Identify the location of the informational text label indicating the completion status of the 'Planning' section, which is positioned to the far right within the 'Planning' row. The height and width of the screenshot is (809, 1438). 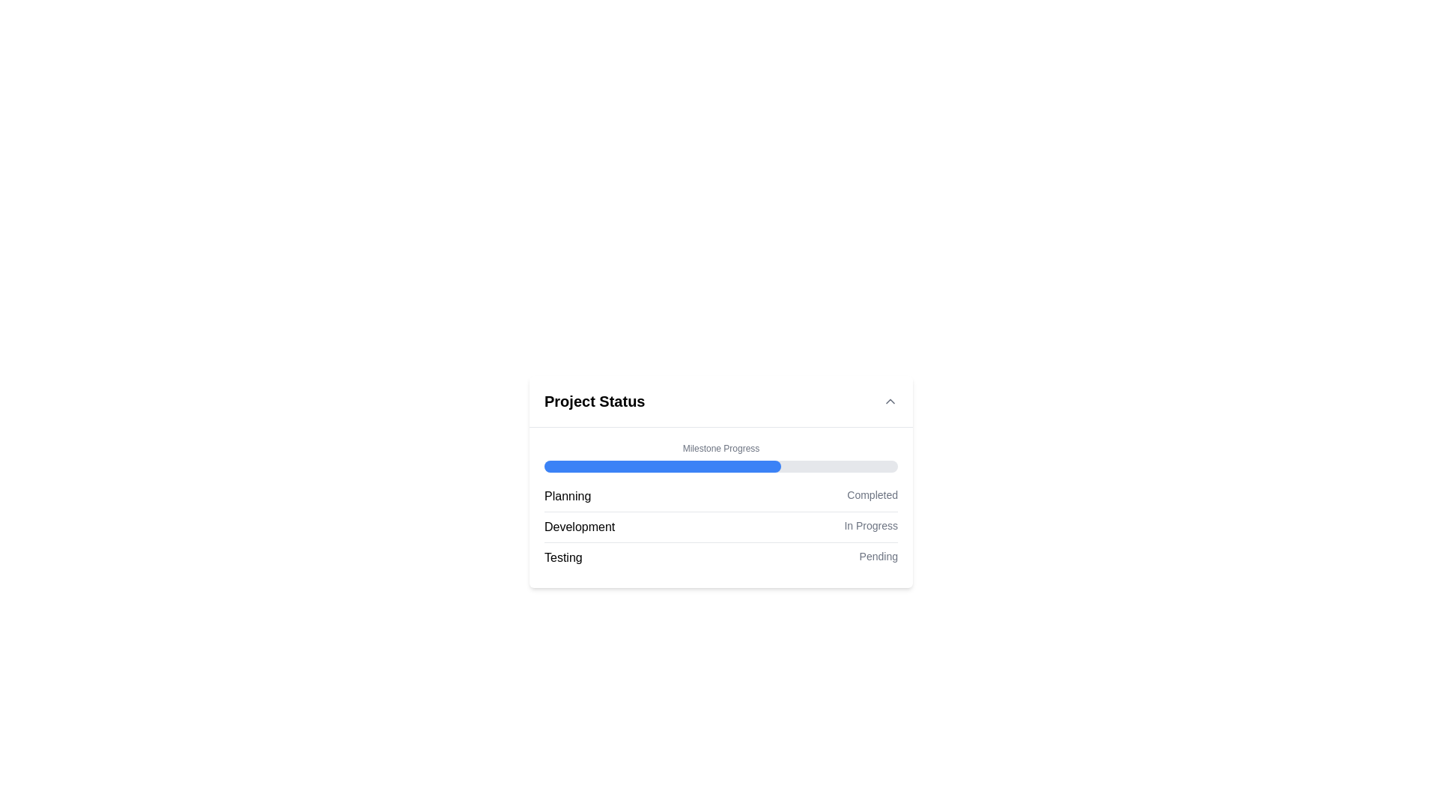
(873, 497).